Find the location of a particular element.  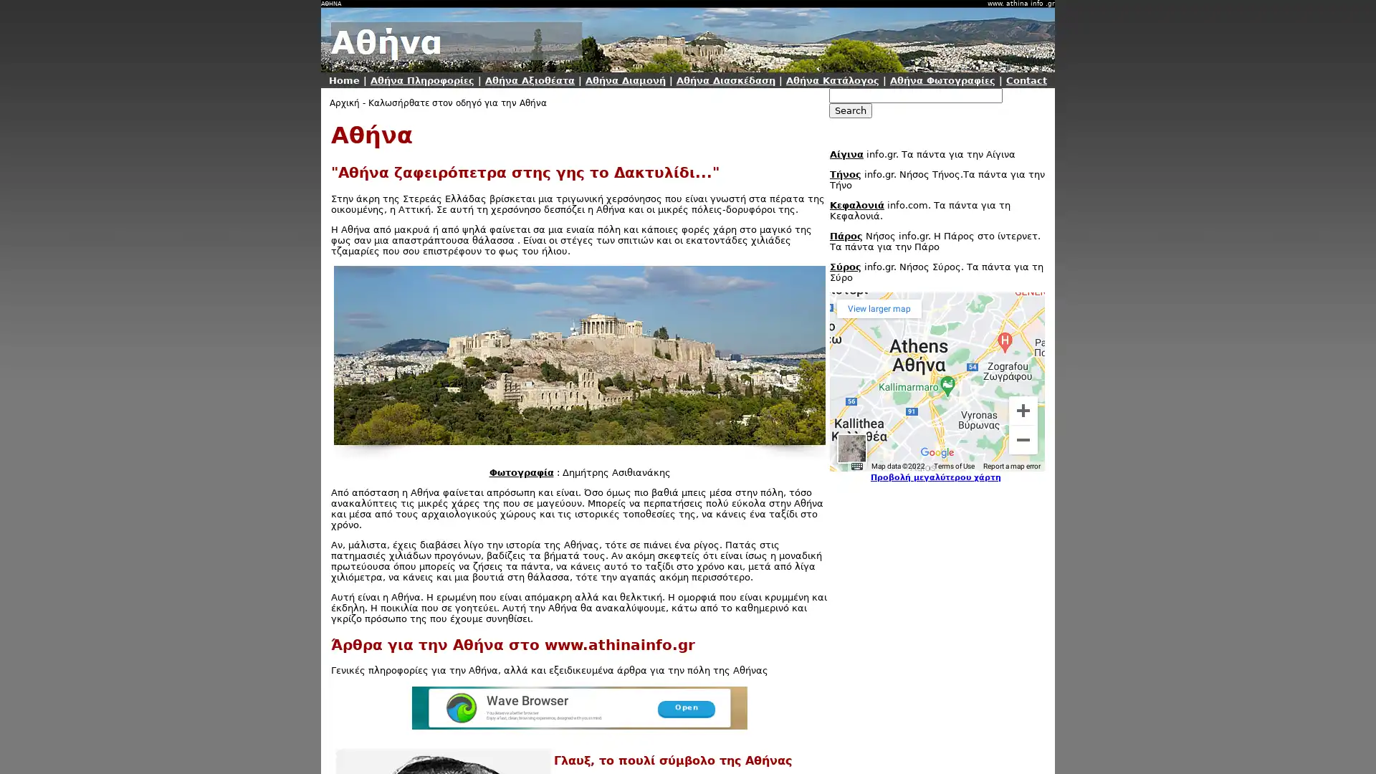

Search is located at coordinates (849, 110).